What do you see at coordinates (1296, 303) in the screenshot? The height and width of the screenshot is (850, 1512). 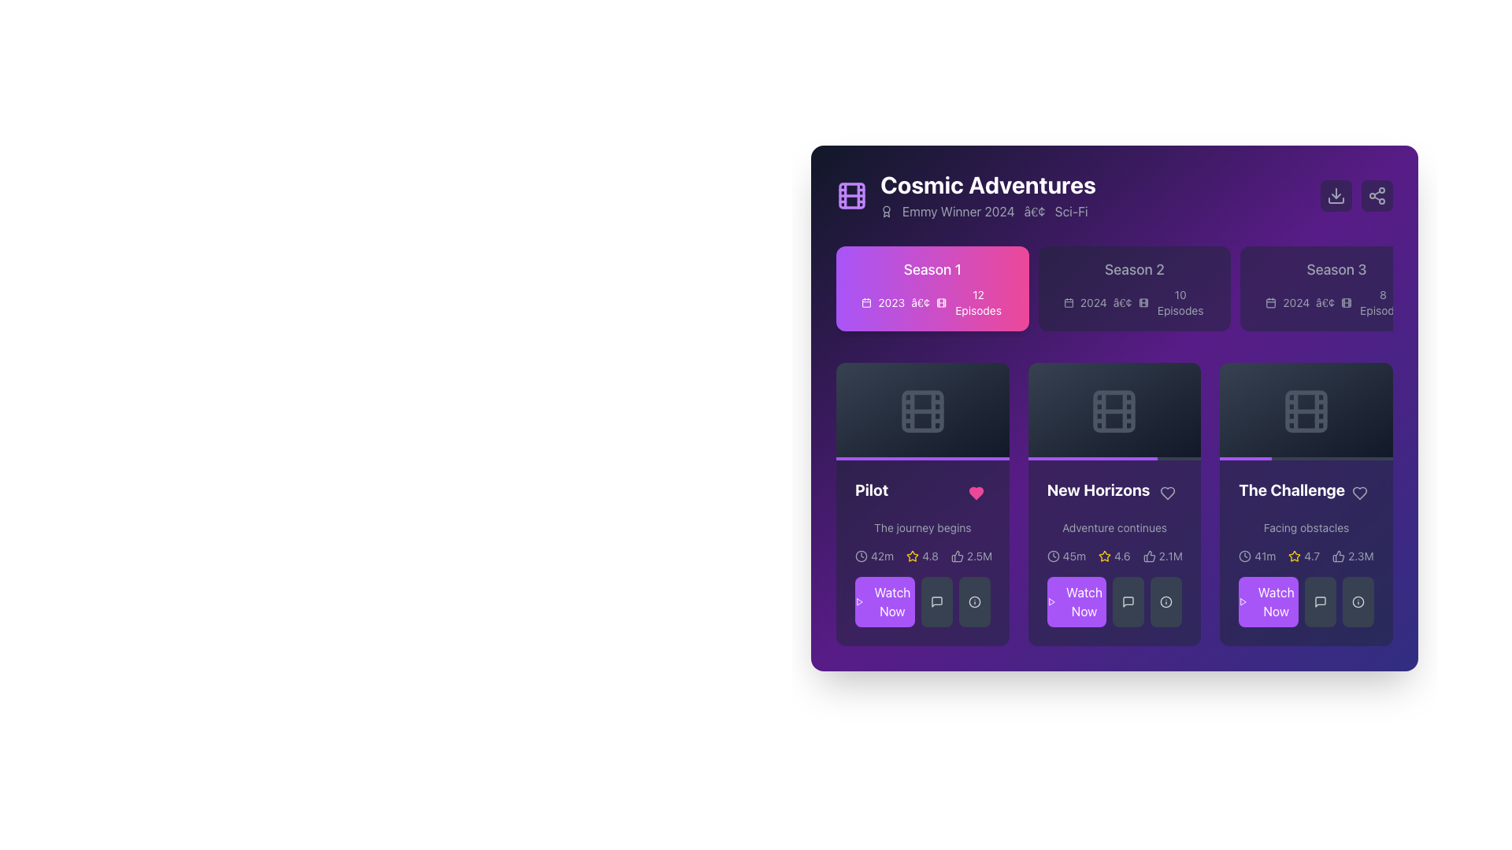 I see `the text label displaying the year '2024' in white font against a dark purple background to identify relevant information` at bounding box center [1296, 303].